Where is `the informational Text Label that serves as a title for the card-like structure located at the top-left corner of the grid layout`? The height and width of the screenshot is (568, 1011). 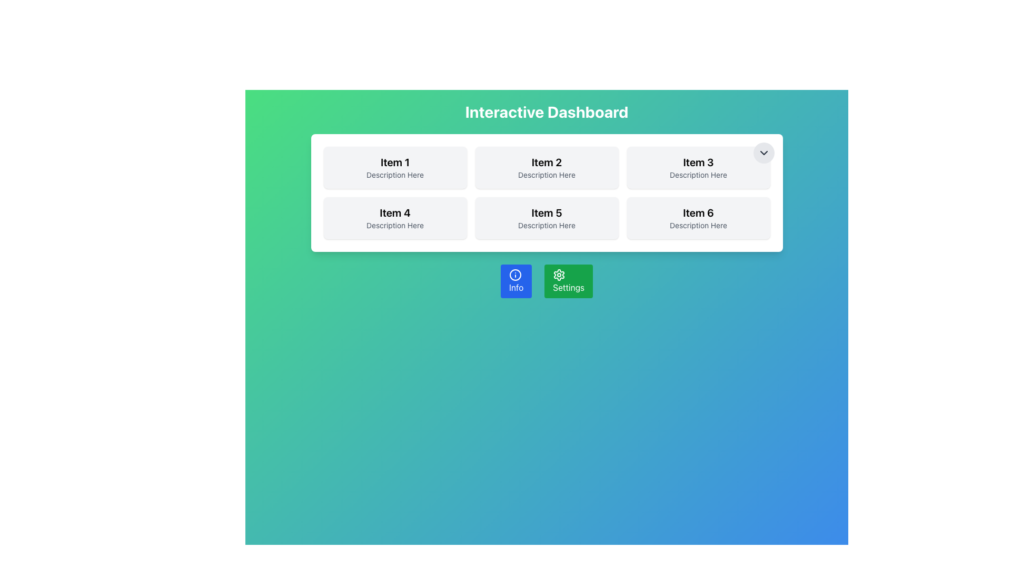
the informational Text Label that serves as a title for the card-like structure located at the top-left corner of the grid layout is located at coordinates (394, 162).